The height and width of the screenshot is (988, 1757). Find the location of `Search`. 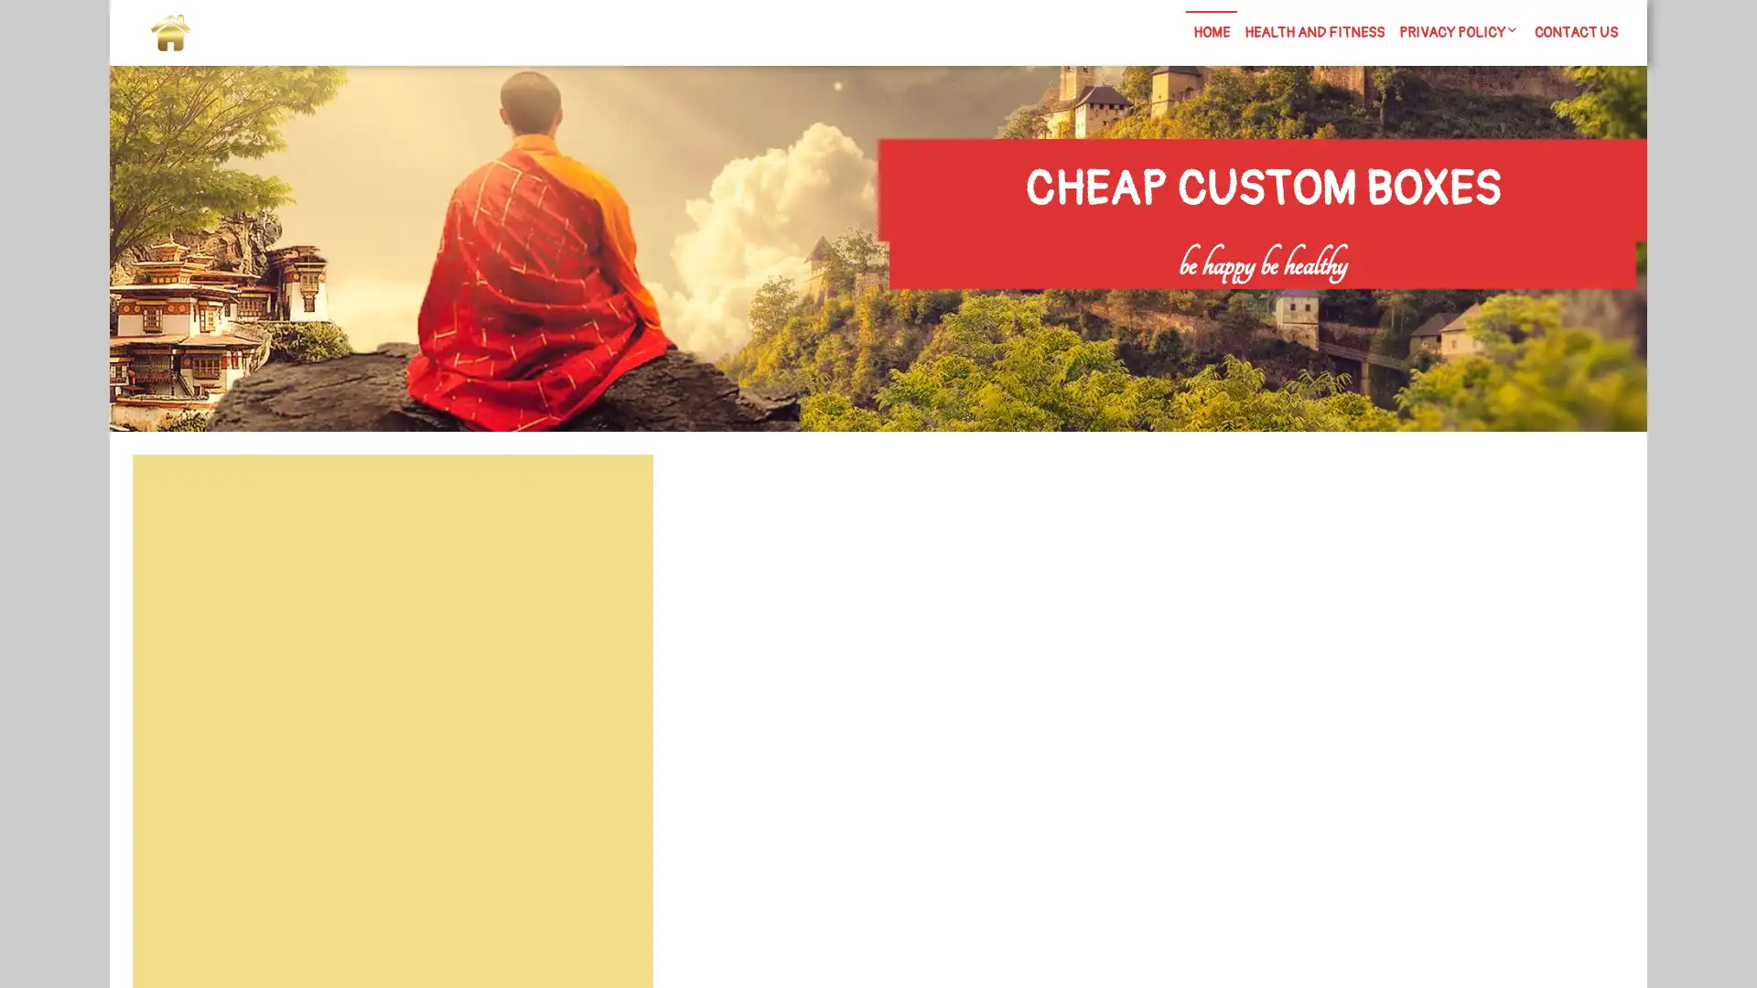

Search is located at coordinates (1425, 299).